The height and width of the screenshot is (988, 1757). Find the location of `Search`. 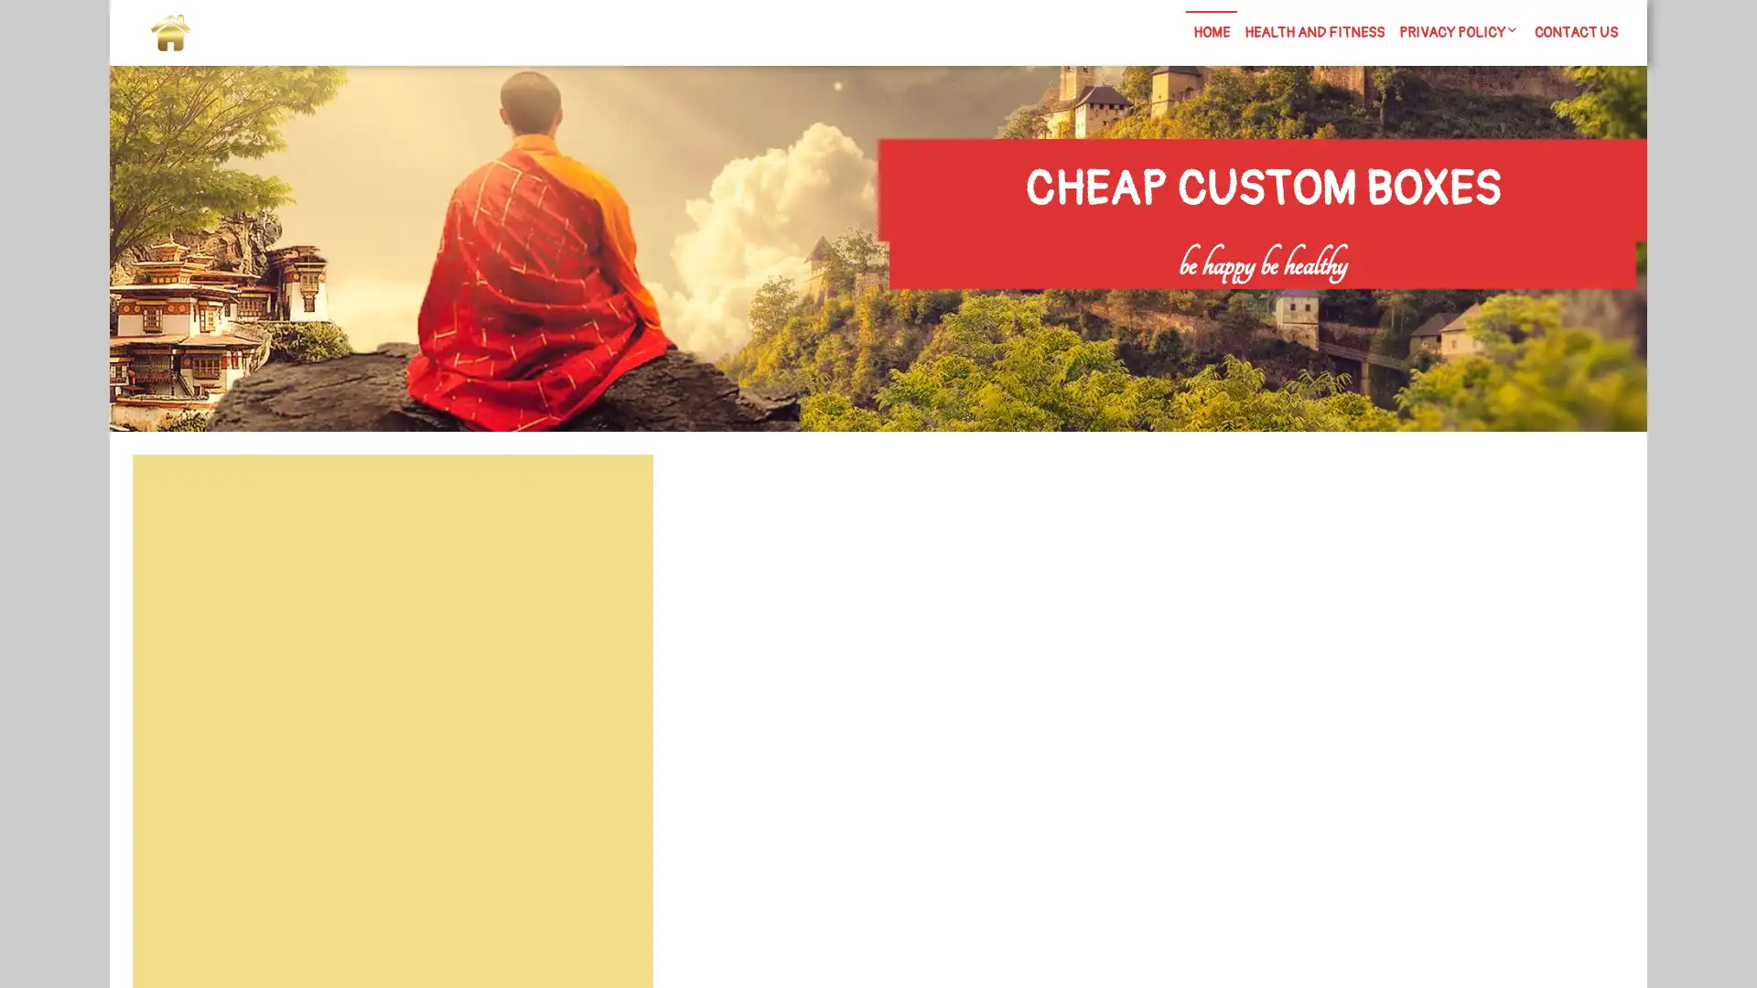

Search is located at coordinates (1425, 299).